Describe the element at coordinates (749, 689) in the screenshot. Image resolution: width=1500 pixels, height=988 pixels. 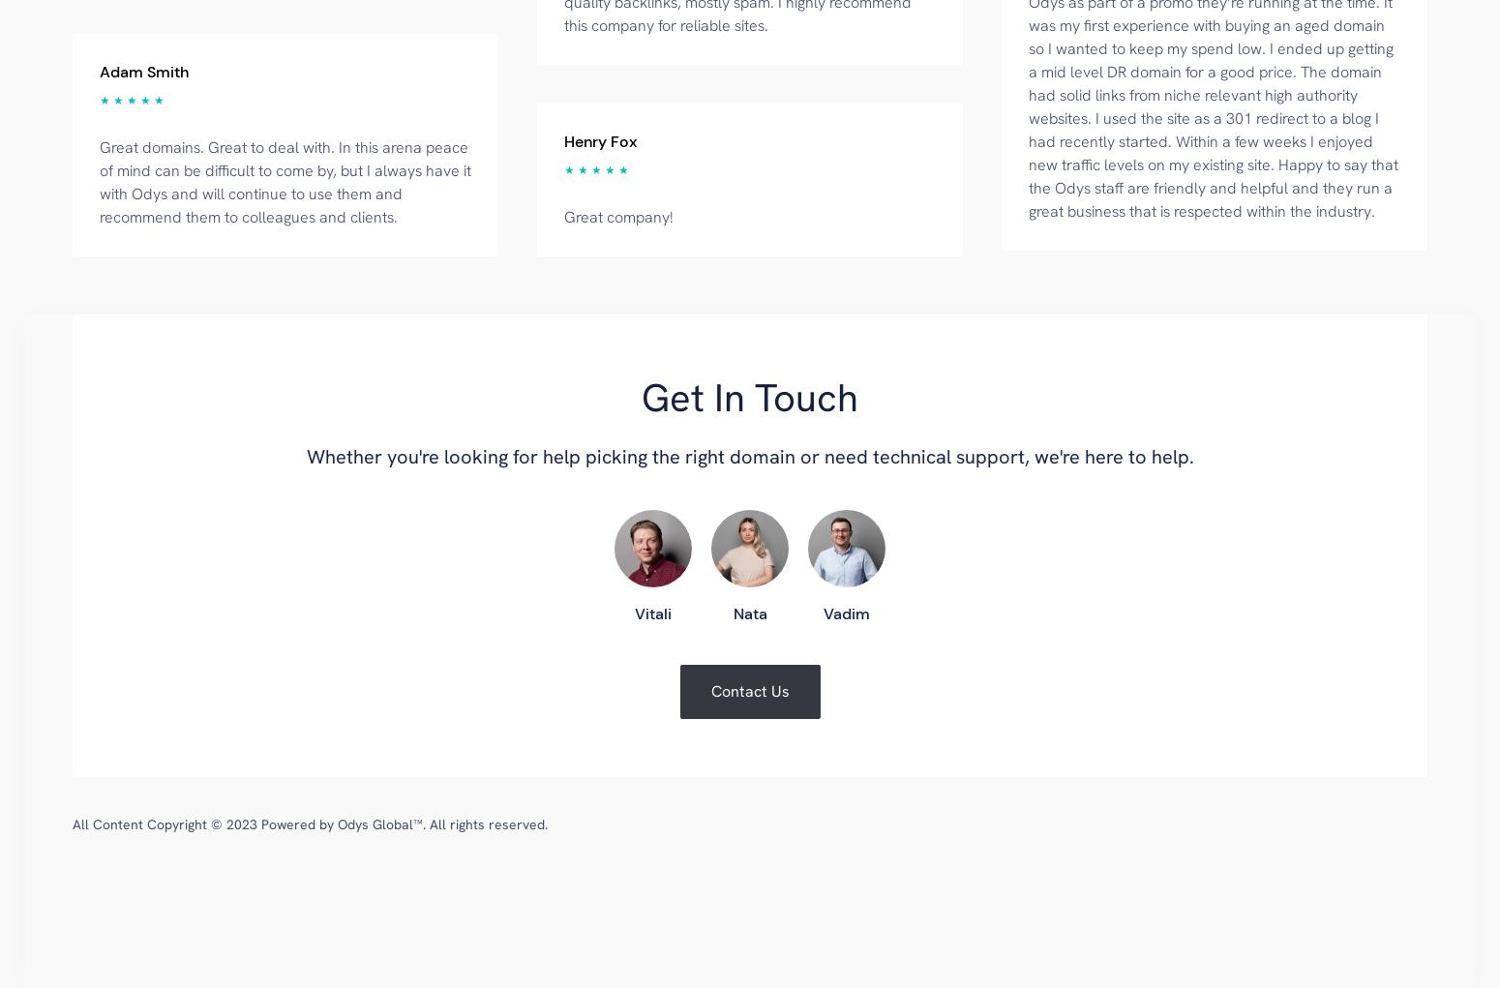
I see `'Contact Us'` at that location.